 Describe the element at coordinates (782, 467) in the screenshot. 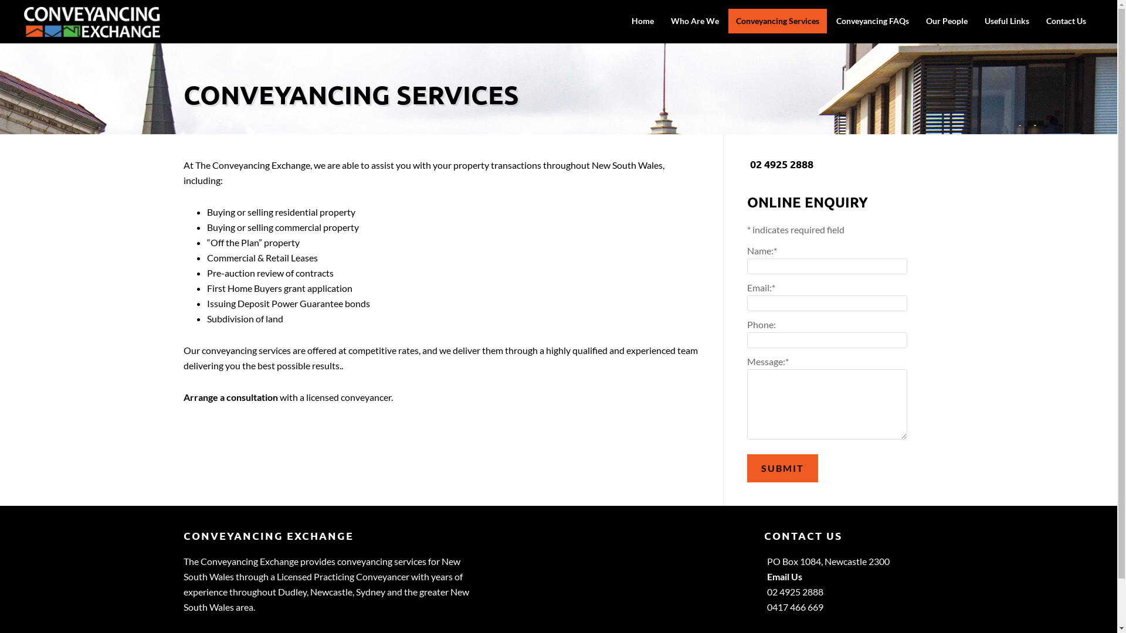

I see `'Submit'` at that location.